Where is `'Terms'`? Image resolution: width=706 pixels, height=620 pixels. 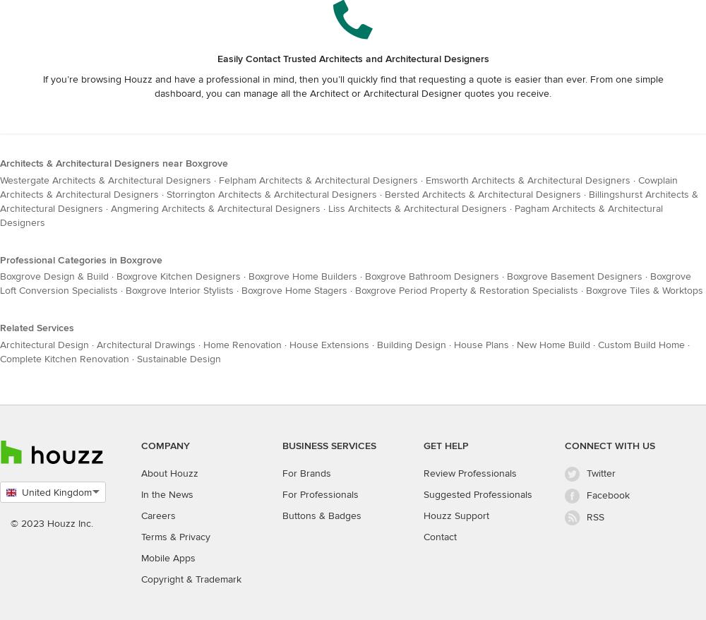
'Terms' is located at coordinates (153, 536).